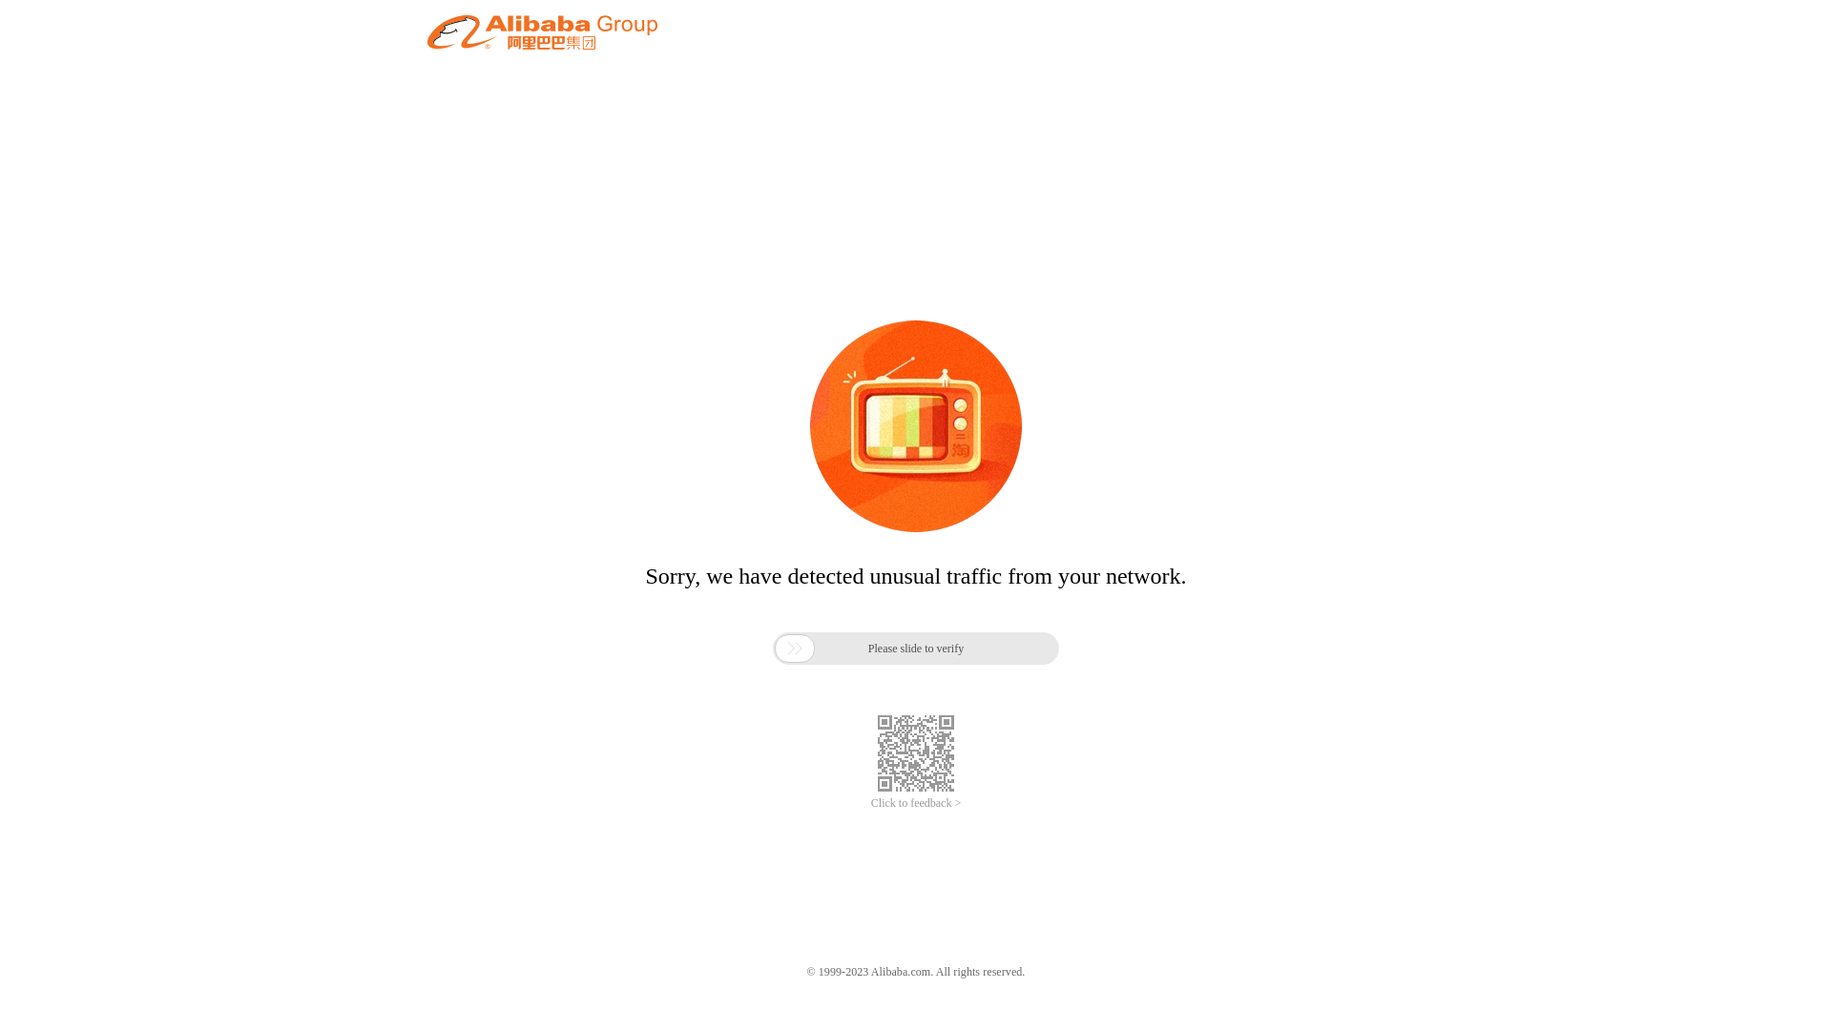  What do you see at coordinates (916, 803) in the screenshot?
I see `'Click to feedback >'` at bounding box center [916, 803].